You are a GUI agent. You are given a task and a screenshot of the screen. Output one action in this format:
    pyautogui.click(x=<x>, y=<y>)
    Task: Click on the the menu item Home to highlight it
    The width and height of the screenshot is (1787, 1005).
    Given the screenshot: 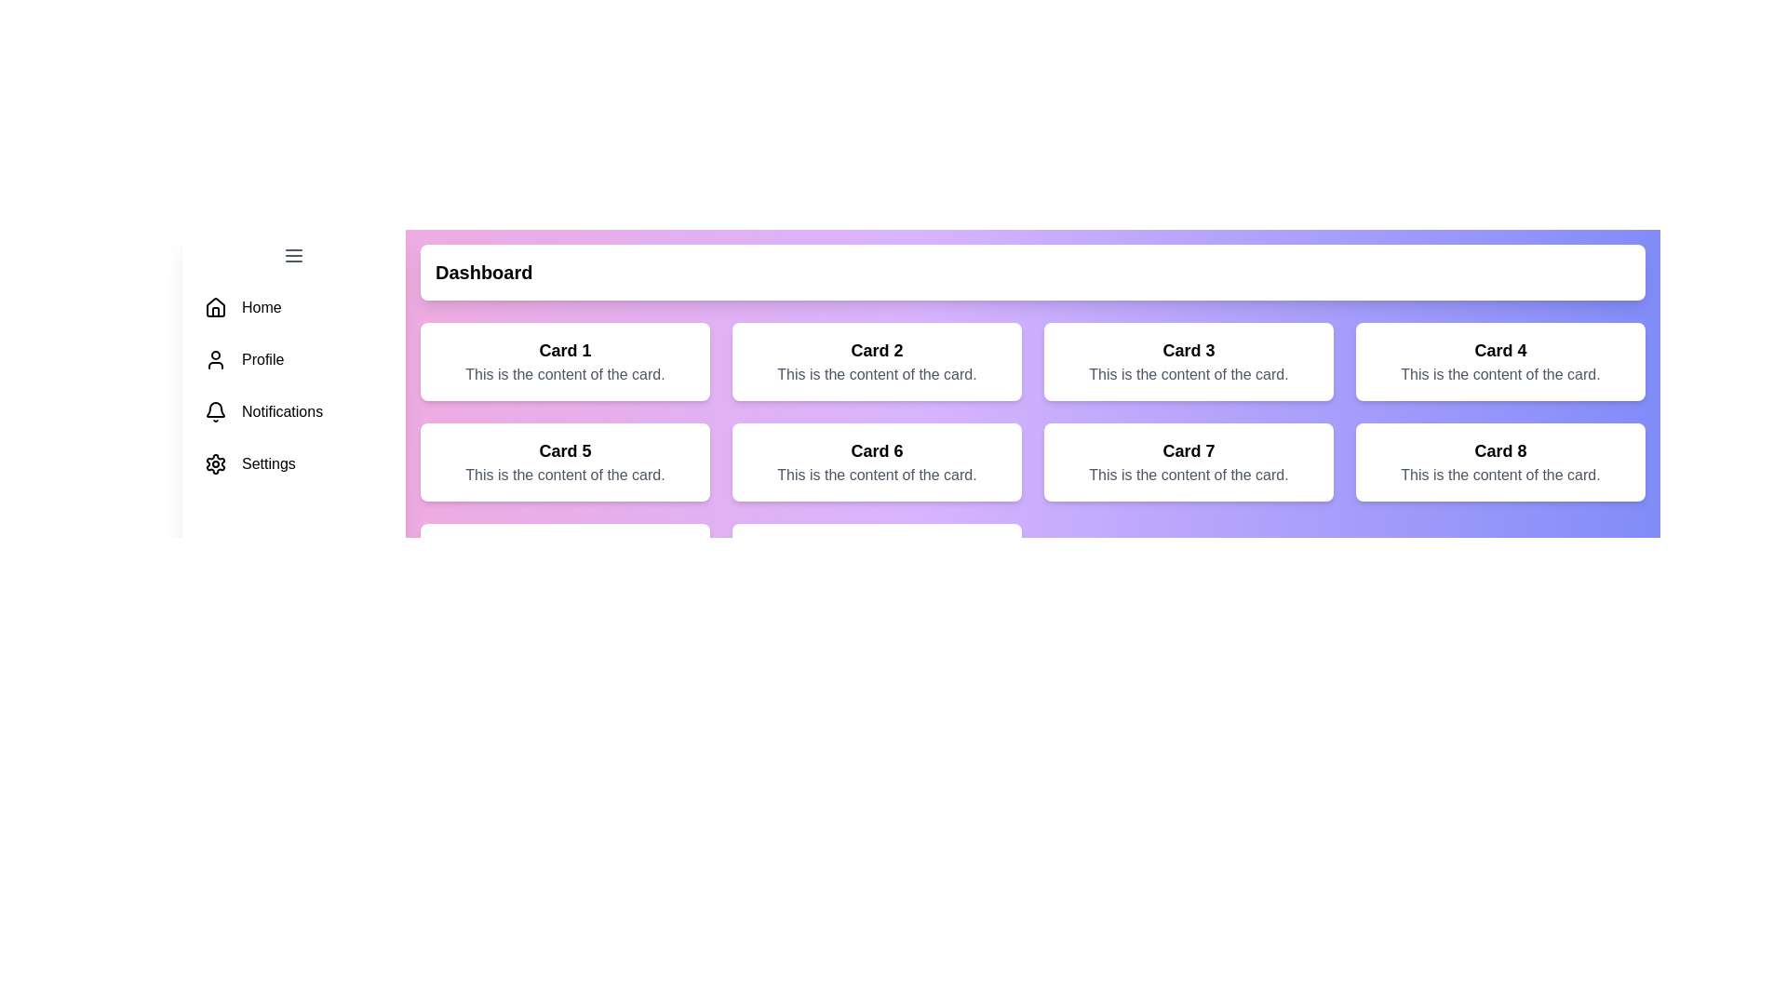 What is the action you would take?
    pyautogui.click(x=293, y=307)
    